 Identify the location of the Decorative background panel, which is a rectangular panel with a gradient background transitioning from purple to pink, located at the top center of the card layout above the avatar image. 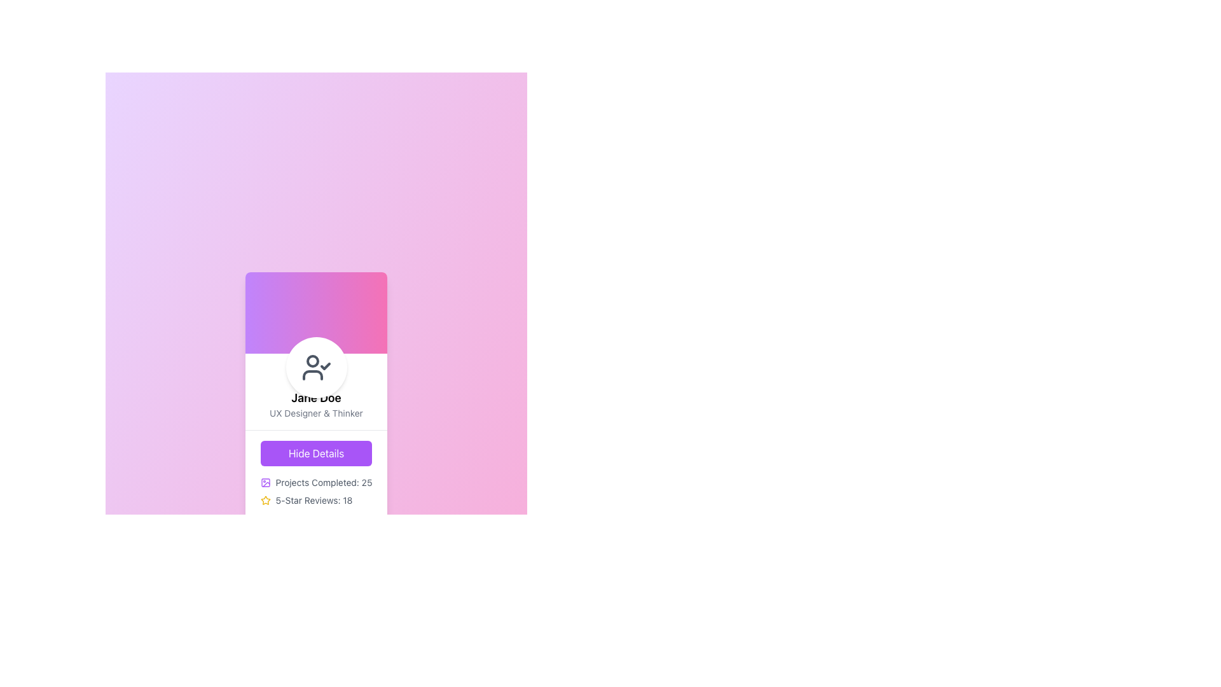
(316, 312).